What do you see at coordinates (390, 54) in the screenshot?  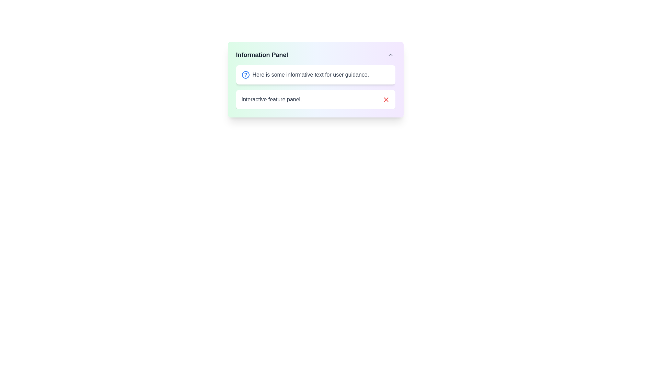 I see `the chevron-up icon button located in the top-right corner of the 'Information Panel'` at bounding box center [390, 54].